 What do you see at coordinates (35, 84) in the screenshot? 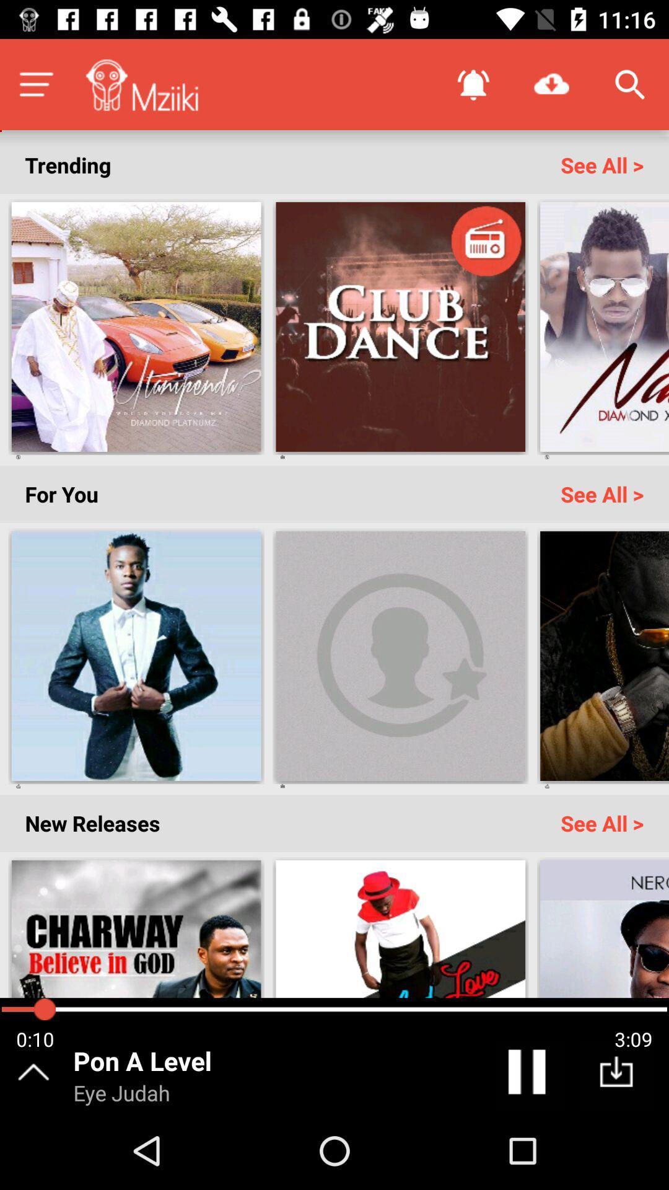
I see `menu tab` at bounding box center [35, 84].